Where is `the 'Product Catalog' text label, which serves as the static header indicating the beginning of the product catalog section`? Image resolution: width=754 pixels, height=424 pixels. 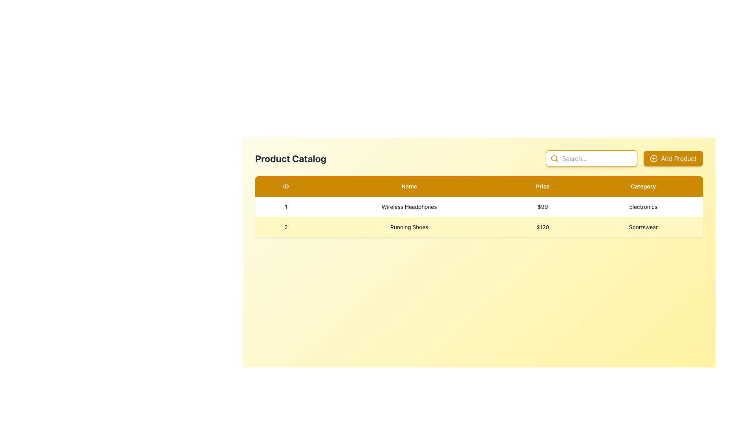
the 'Product Catalog' text label, which serves as the static header indicating the beginning of the product catalog section is located at coordinates (290, 159).